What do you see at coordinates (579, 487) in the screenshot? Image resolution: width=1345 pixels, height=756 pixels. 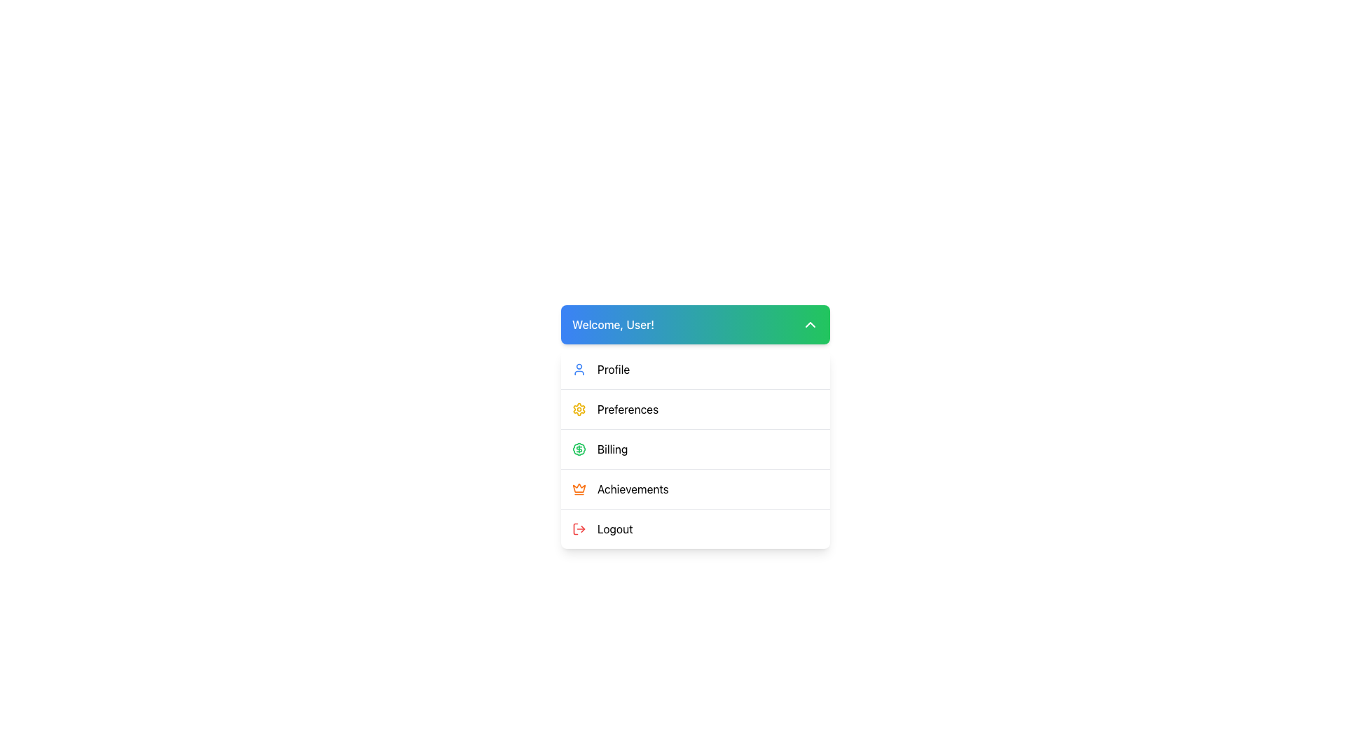 I see `the crown-shaped icon with an orange hue located near the top section of the dropdown menu` at bounding box center [579, 487].